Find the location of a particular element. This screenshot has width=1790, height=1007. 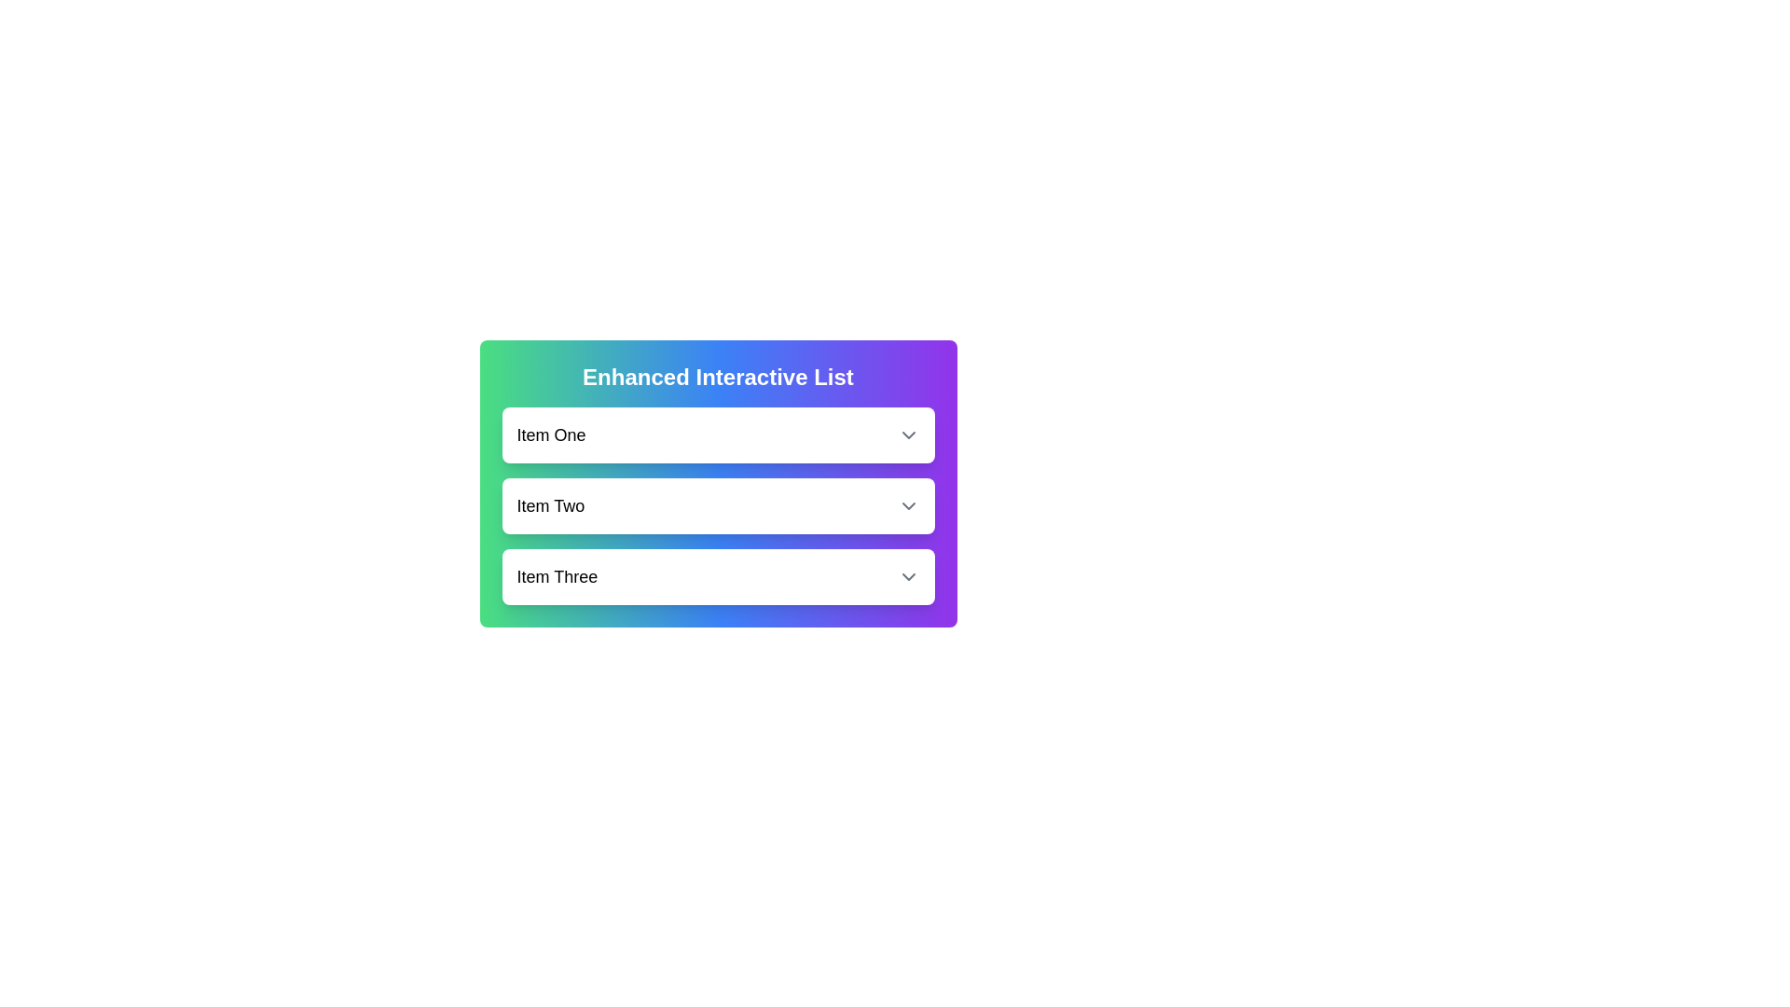

the 'Item Two' text label element, which is a medium, bold text label aligned to the left, surrounded by a clickable area with a dropdown arrow to the right is located at coordinates (549, 506).